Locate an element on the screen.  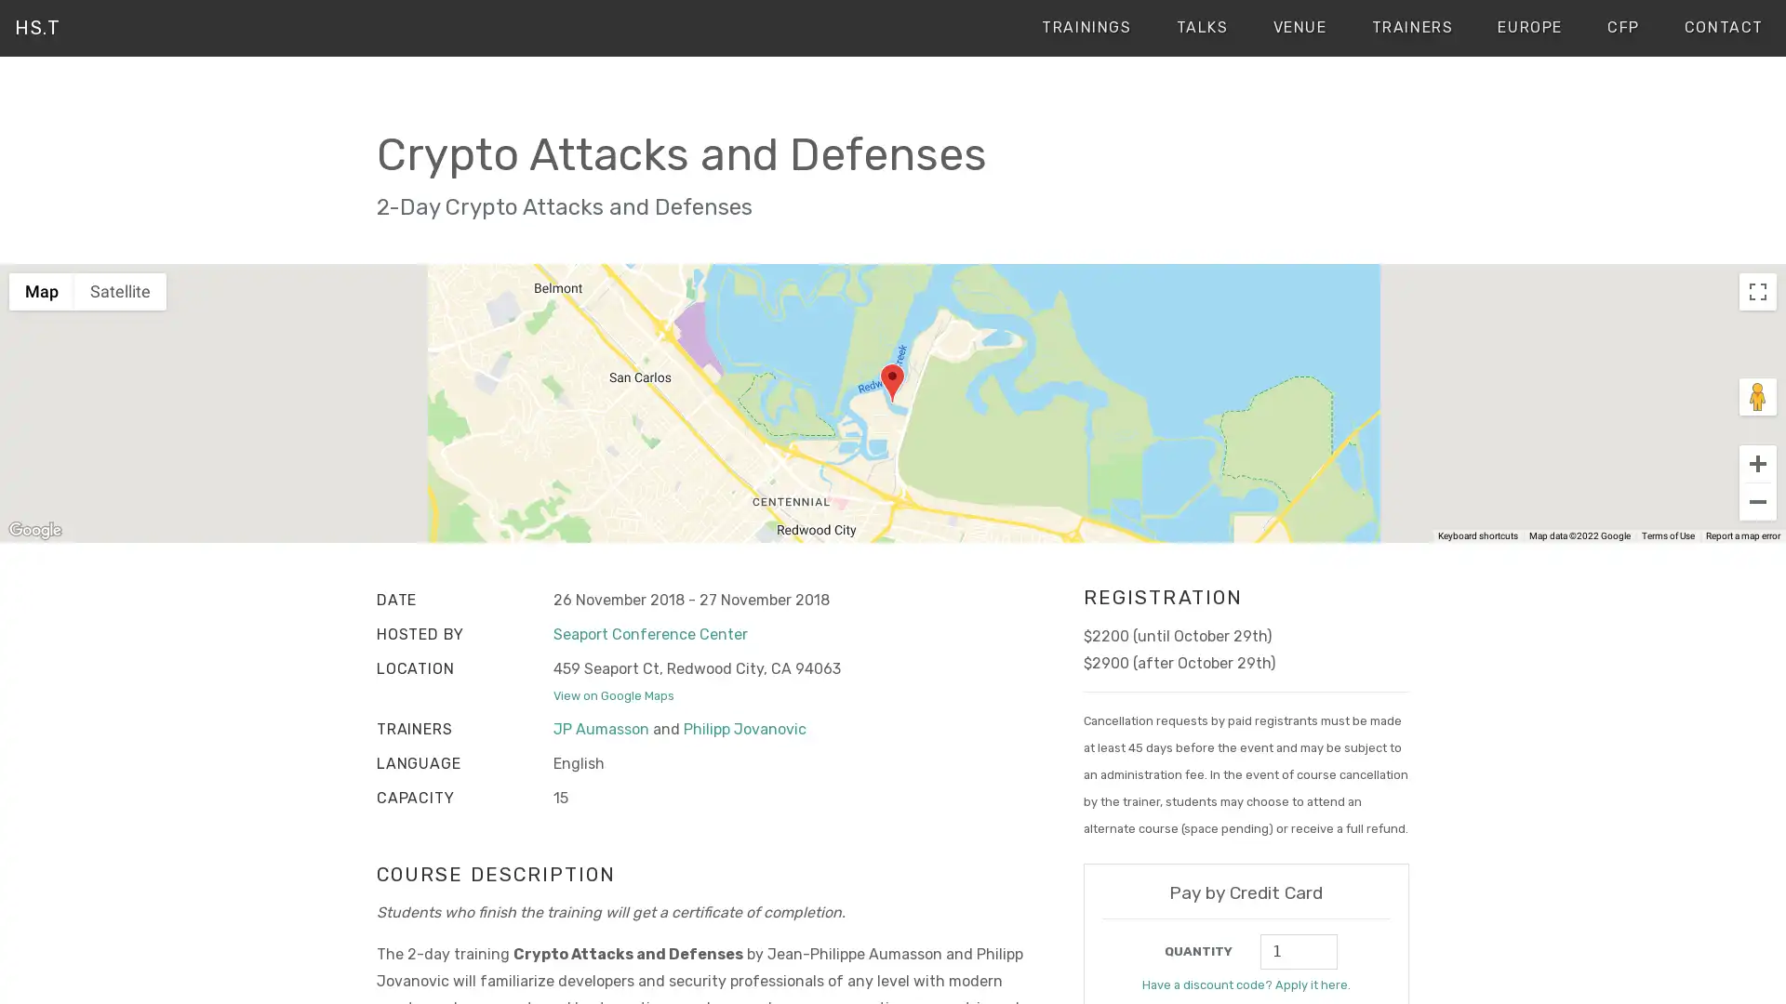
Zoom out is located at coordinates (1757, 500).